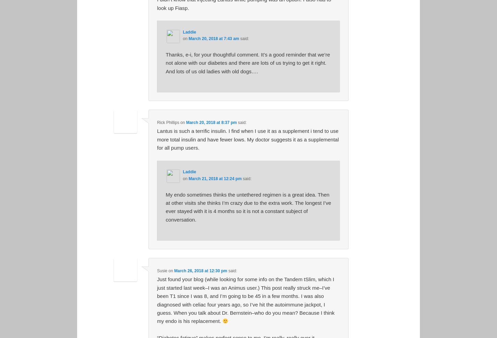 Image resolution: width=497 pixels, height=338 pixels. I want to click on 'Thanks, e-i, for your thoughtful comment. It’s a good reminder that we’re not alone with our diabetes and there are lots of us trying to get it right. And lots of us old ladies with old dogs….', so click(247, 62).